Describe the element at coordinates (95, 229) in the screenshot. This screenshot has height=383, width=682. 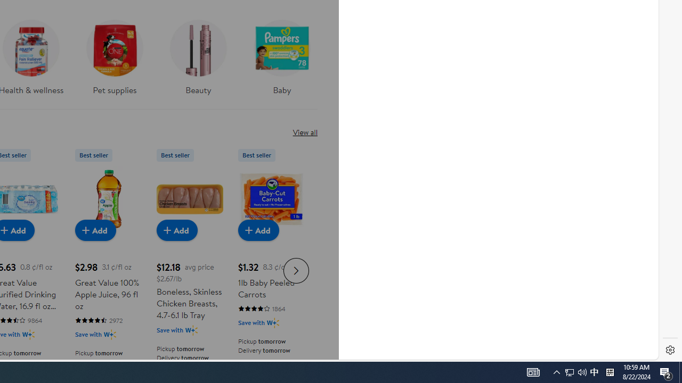
I see `'Add to cart - Great Value 100% Apple Juice, 96 fl oz'` at that location.